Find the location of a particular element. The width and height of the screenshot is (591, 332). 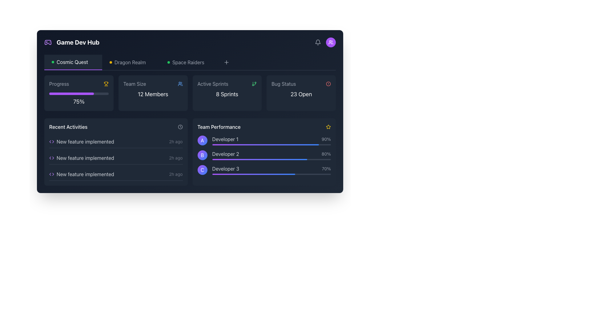

the bell-shaped notification icon located in the top-right corner of the interface is located at coordinates (318, 41).